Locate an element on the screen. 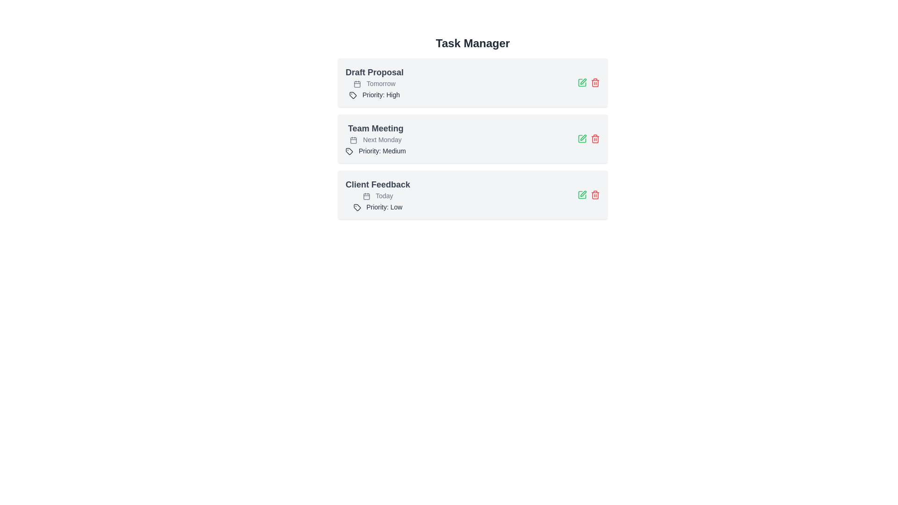 Image resolution: width=898 pixels, height=505 pixels. the inner rounded rectangle of the calendar icon located in the top-left of the 'Draft Proposal' card is located at coordinates (357, 85).